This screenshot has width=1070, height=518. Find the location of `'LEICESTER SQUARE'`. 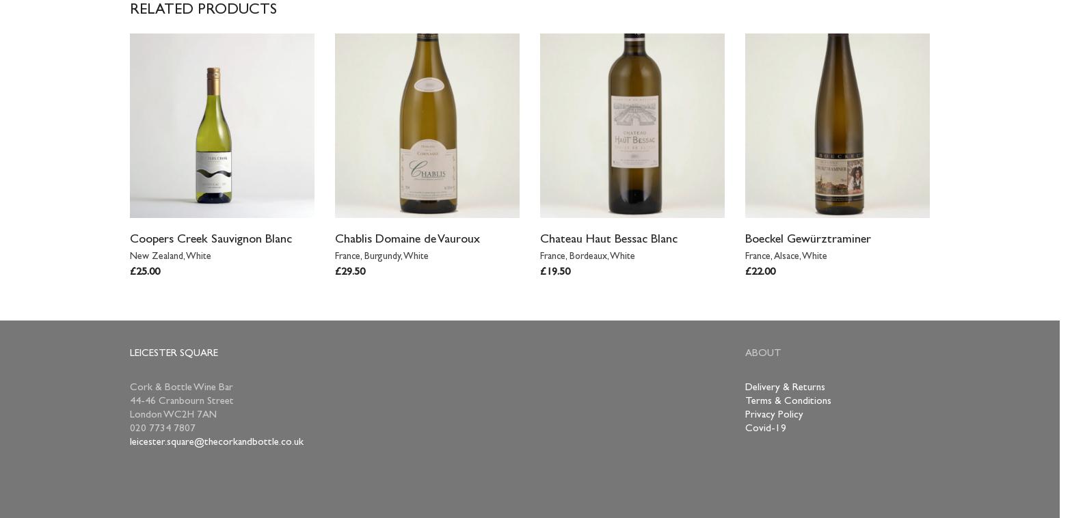

'LEICESTER SQUARE' is located at coordinates (129, 353).